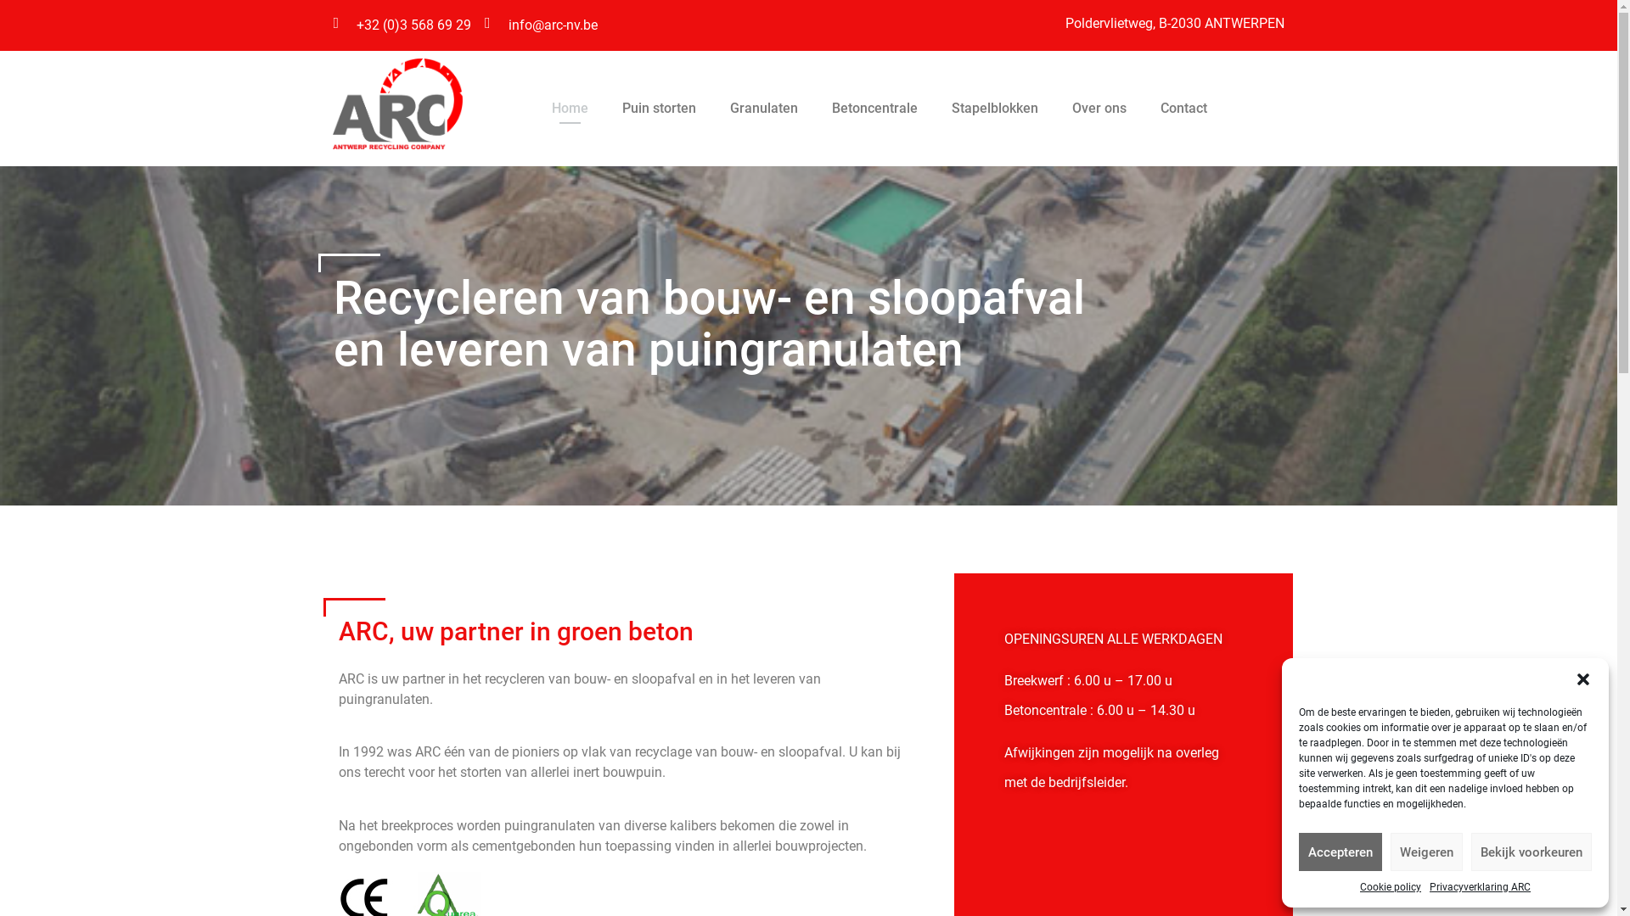  Describe the element at coordinates (540, 25) in the screenshot. I see `'info@arc-nv.be'` at that location.